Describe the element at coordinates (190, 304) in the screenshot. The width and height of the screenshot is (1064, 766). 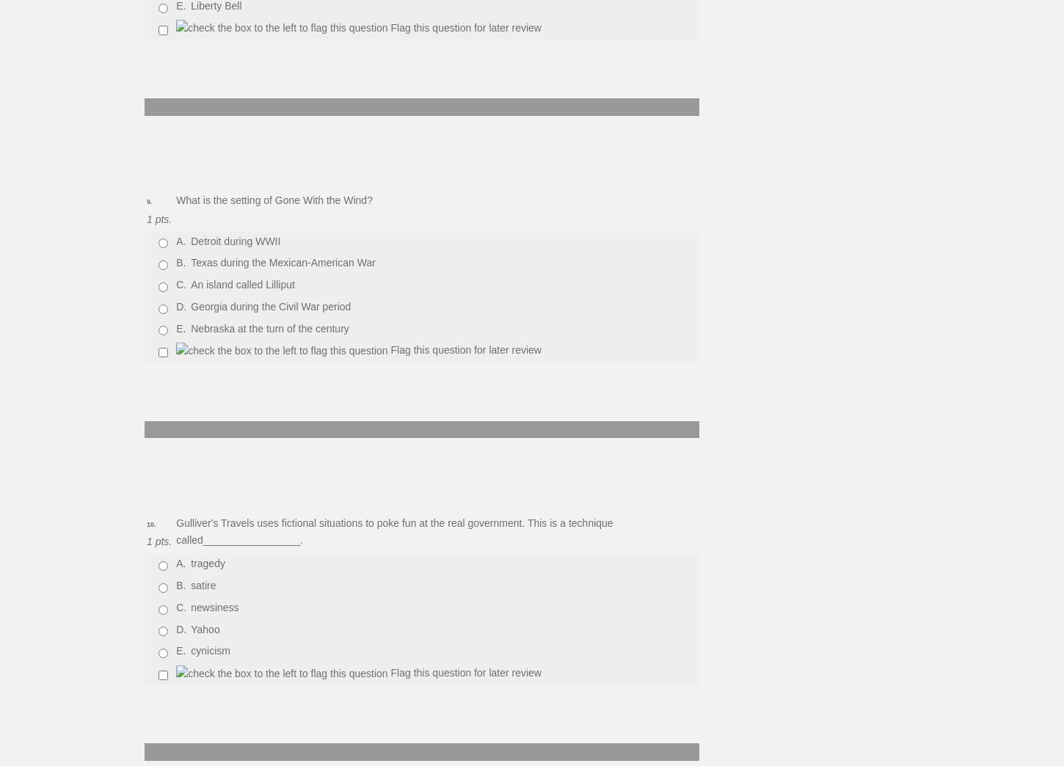
I see `'Georgia during the Civil War period'` at that location.